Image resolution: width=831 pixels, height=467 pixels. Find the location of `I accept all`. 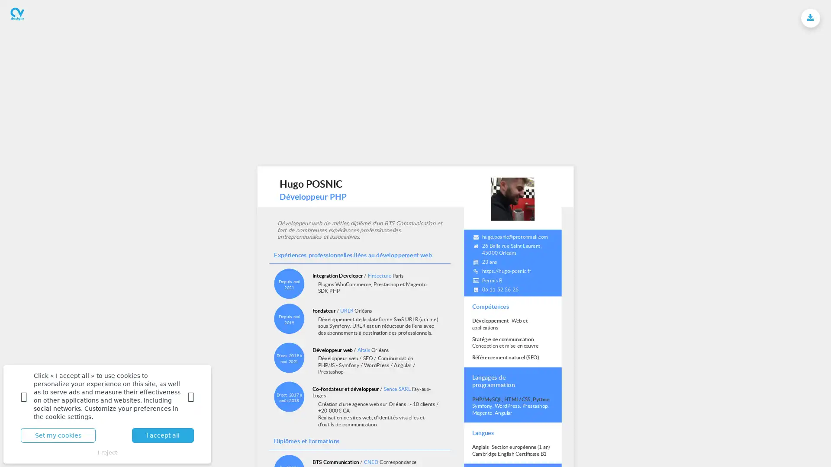

I accept all is located at coordinates (163, 435).